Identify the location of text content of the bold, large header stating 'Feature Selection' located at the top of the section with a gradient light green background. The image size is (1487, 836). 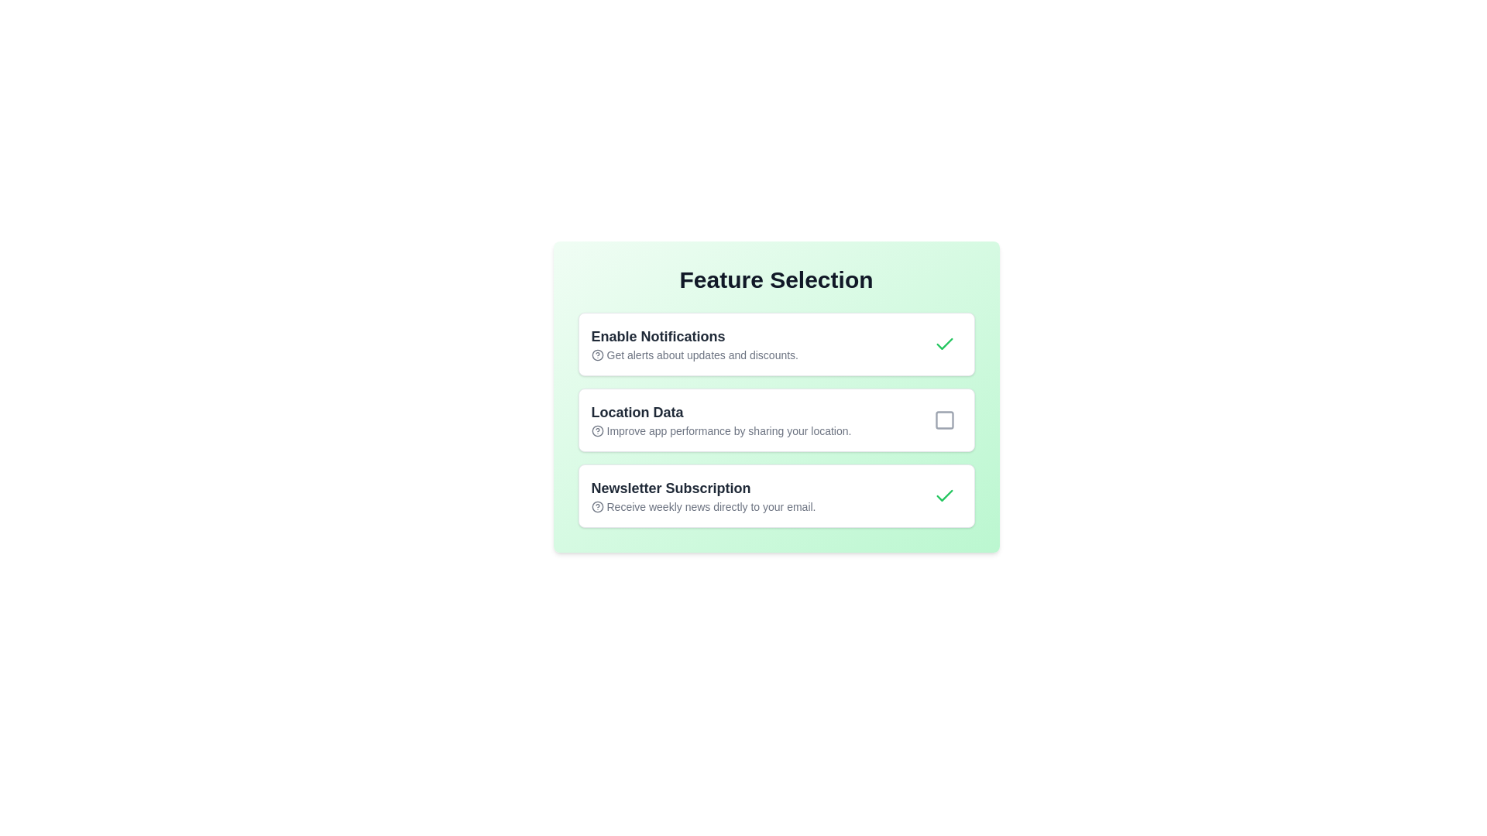
(776, 280).